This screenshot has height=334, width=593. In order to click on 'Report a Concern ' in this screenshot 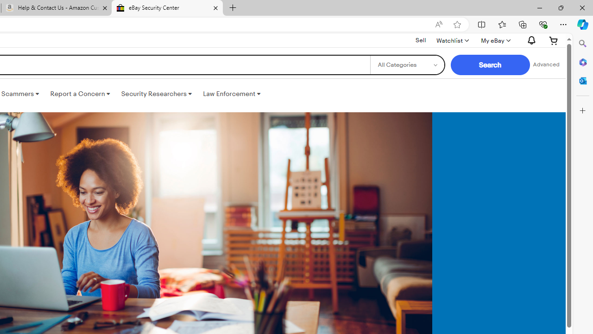, I will do `click(80, 94)`.